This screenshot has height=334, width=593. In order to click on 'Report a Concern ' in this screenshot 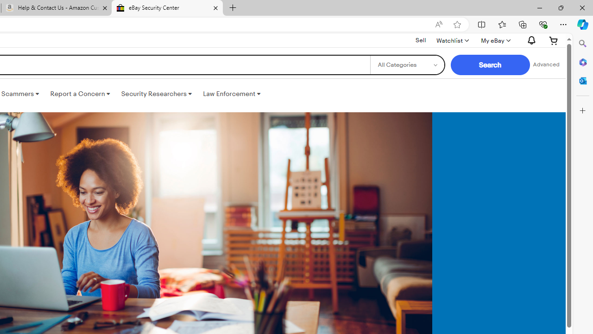, I will do `click(80, 94)`.